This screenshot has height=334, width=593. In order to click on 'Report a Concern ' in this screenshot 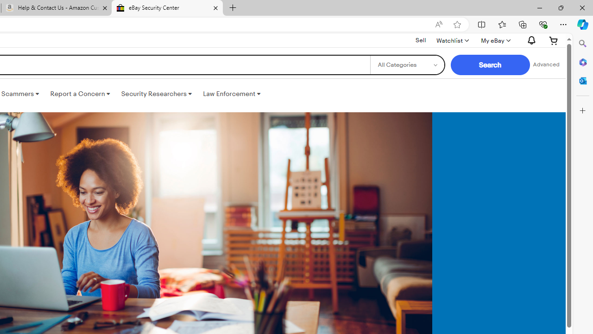, I will do `click(80, 94)`.